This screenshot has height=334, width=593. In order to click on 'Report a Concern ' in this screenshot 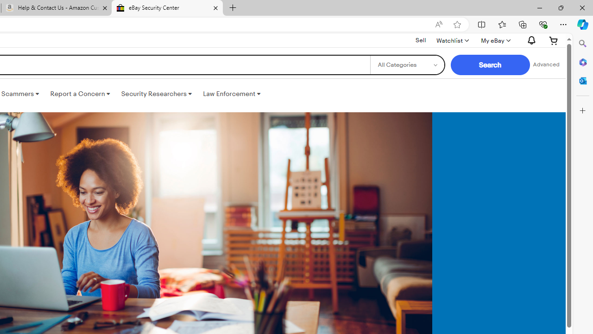, I will do `click(80, 94)`.